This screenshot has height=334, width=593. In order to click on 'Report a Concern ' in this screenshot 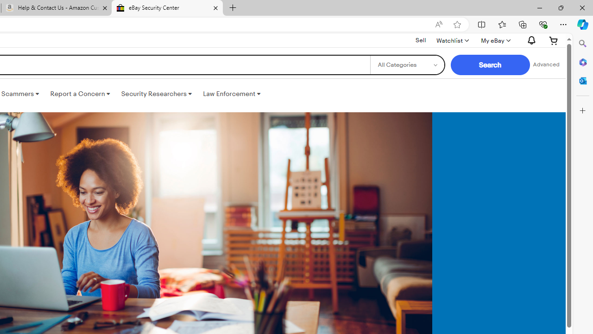, I will do `click(80, 94)`.